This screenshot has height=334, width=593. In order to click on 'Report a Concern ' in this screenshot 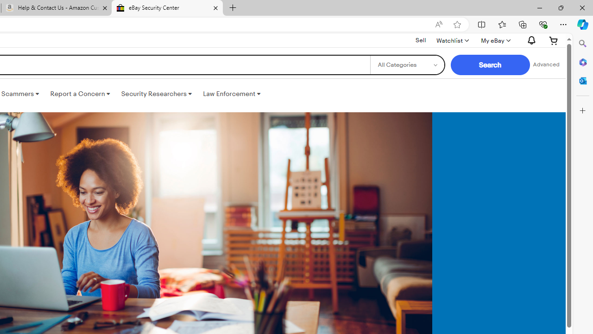, I will do `click(80, 94)`.